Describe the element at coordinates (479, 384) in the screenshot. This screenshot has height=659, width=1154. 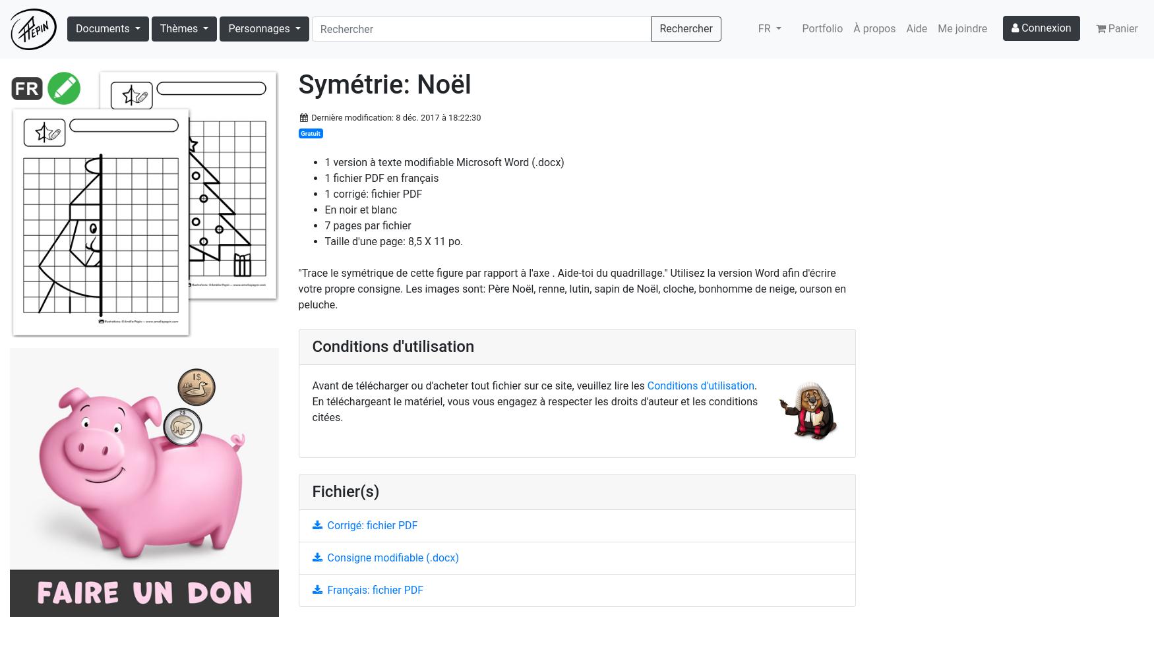
I see `'Avant de télécharger ou d'acheter tout fichier sur ce site, veuillez lire les'` at that location.